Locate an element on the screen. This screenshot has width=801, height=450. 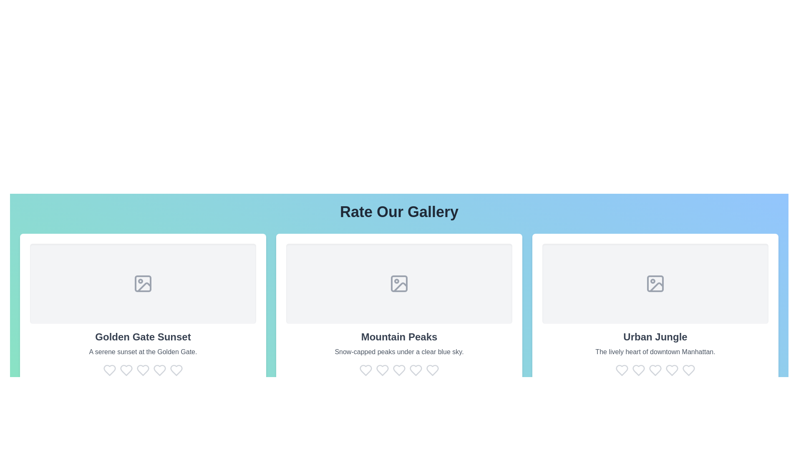
the gallery item Urban Jungle is located at coordinates (655, 310).